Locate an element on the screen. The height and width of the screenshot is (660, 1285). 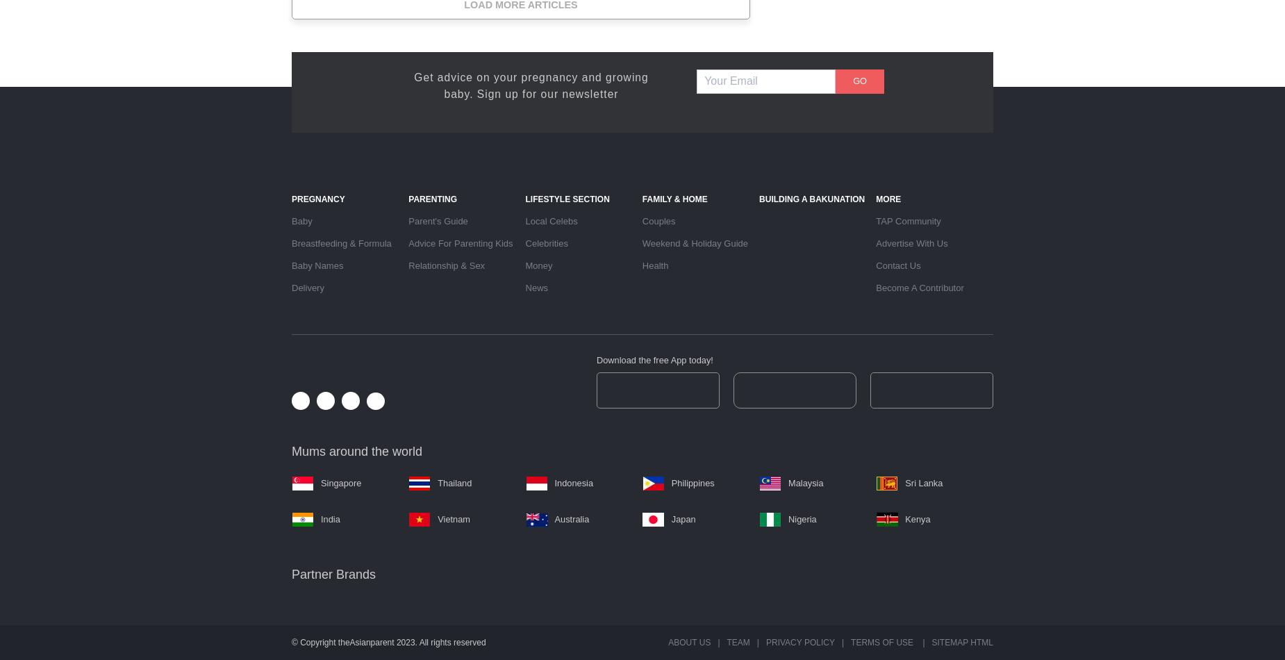
'Get advice on your pregnancy and growing baby. Sign up for our newsletter' is located at coordinates (531, 85).